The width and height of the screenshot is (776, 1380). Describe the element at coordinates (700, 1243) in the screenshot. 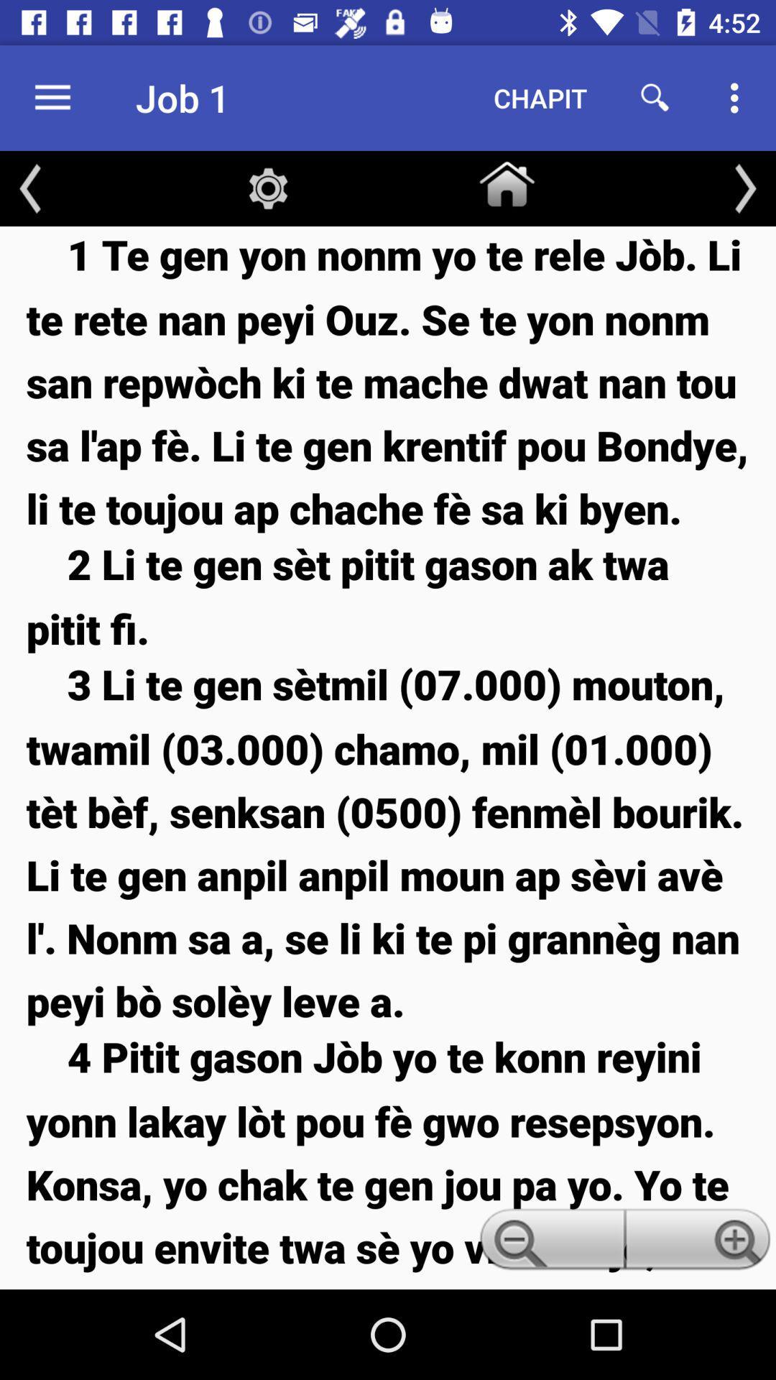

I see `the item below the 3 li te` at that location.